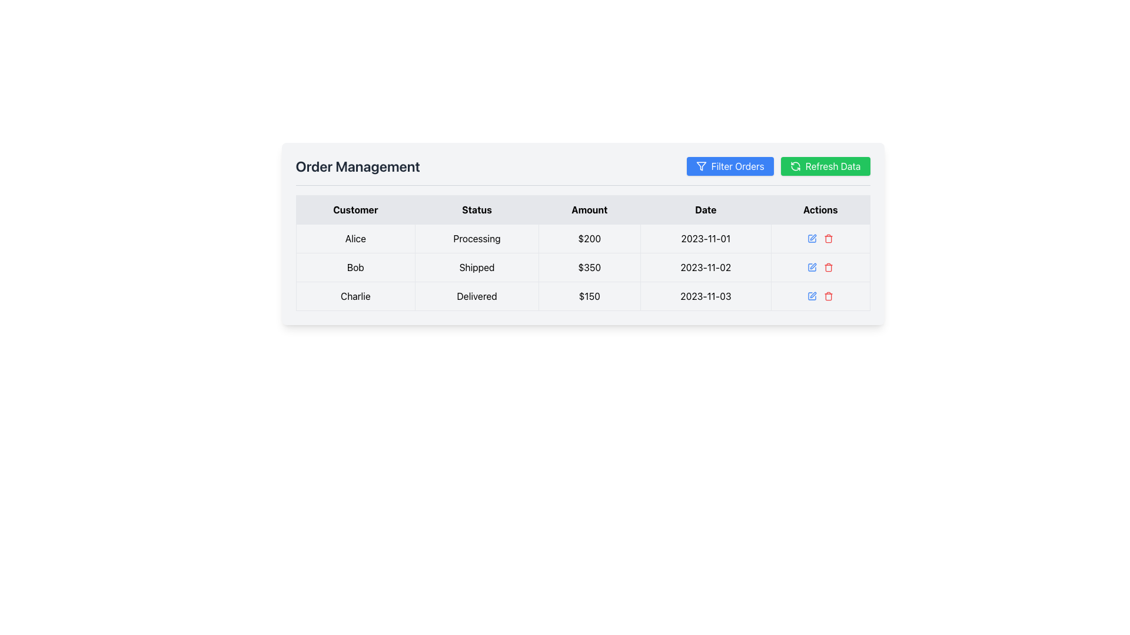  Describe the element at coordinates (355, 268) in the screenshot. I see `the text label displaying 'Bob' in the second row of the 'Customer' column in the table` at that location.